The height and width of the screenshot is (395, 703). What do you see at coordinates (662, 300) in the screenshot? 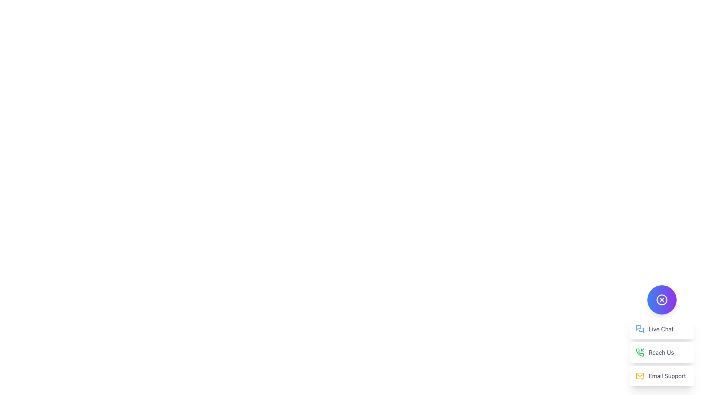
I see `the toggle button at the bottom-right corner of the panel to observe visual feedback` at bounding box center [662, 300].